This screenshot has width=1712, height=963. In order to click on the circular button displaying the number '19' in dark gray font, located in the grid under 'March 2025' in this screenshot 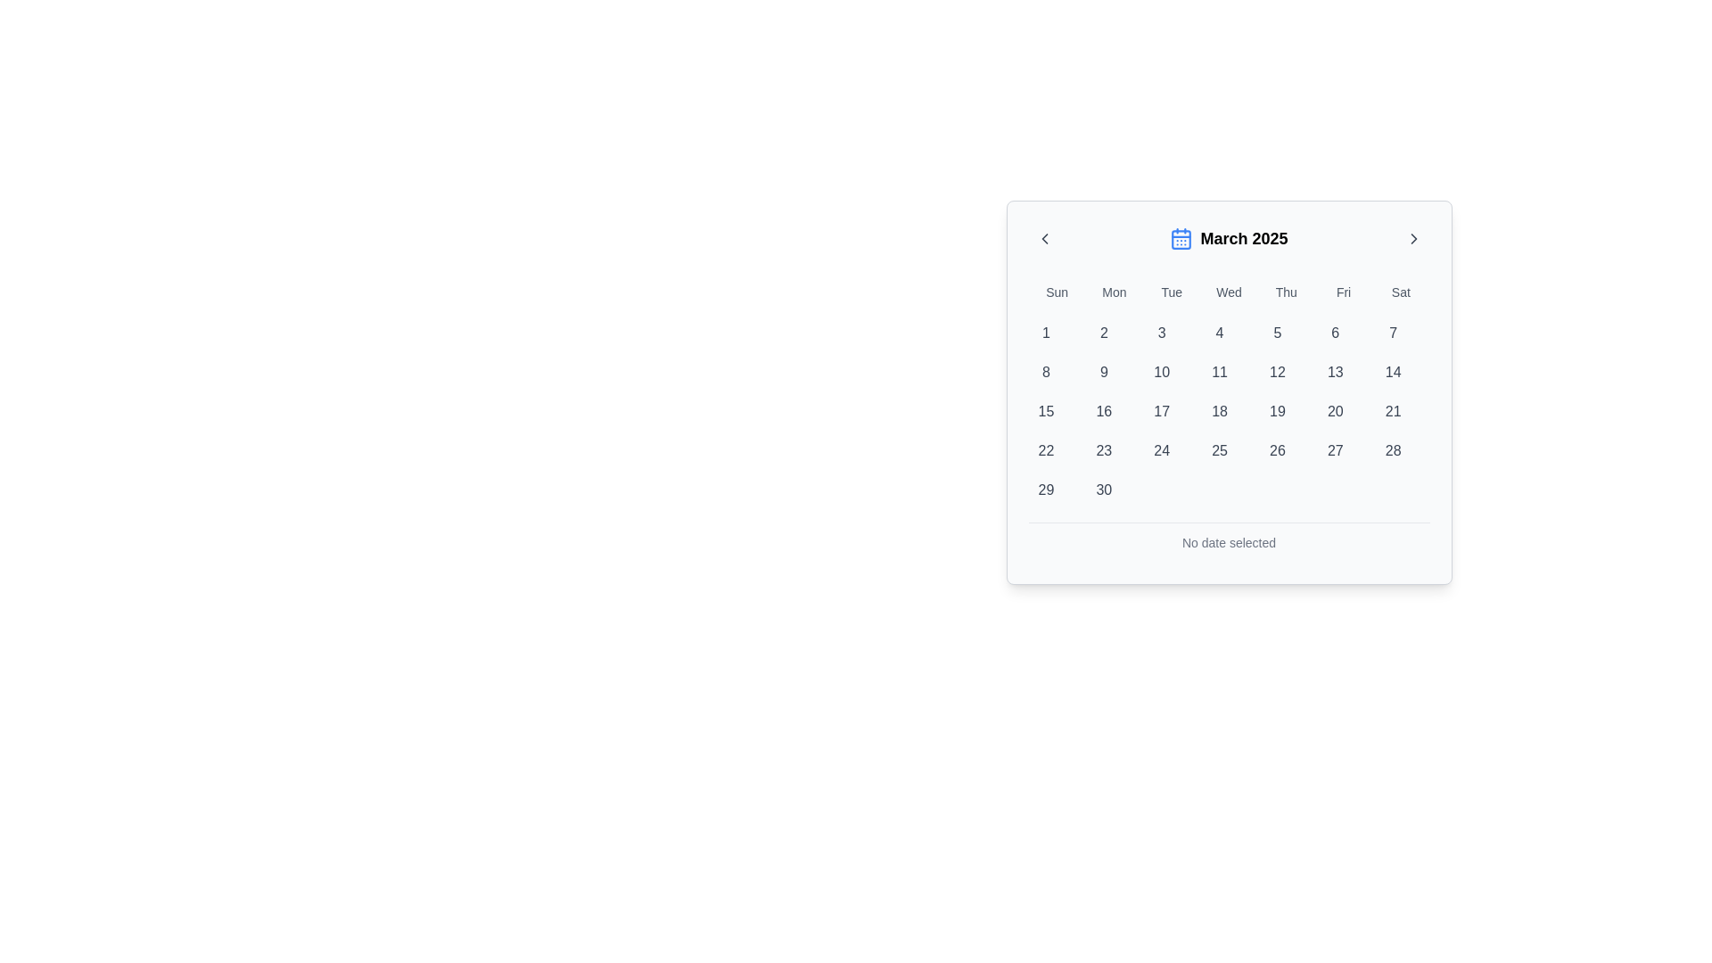, I will do `click(1276, 412)`.